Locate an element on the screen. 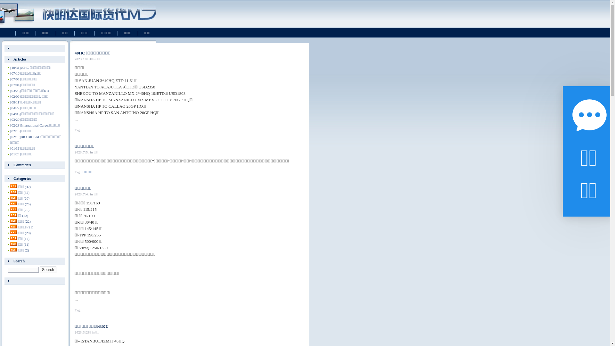 The image size is (615, 346). 'rss' is located at coordinates (13, 220).